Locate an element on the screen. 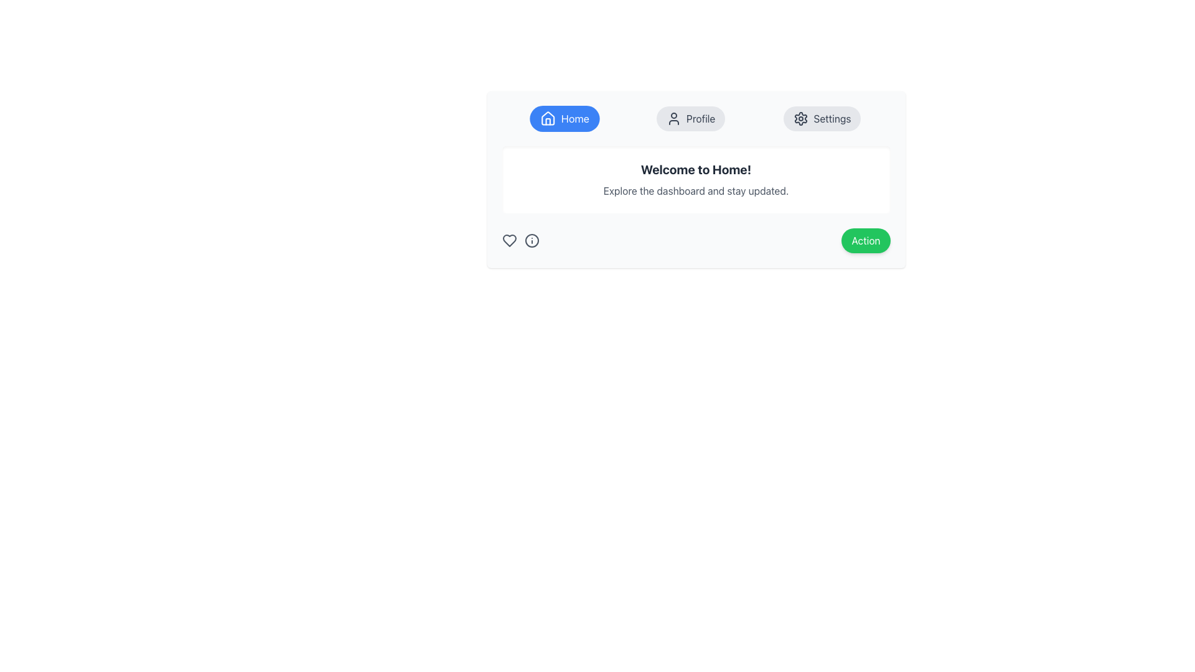 Image resolution: width=1195 pixels, height=672 pixels. the icons in the horizontal action bar located beneath the 'Welcome to Home!' section is located at coordinates (695, 240).